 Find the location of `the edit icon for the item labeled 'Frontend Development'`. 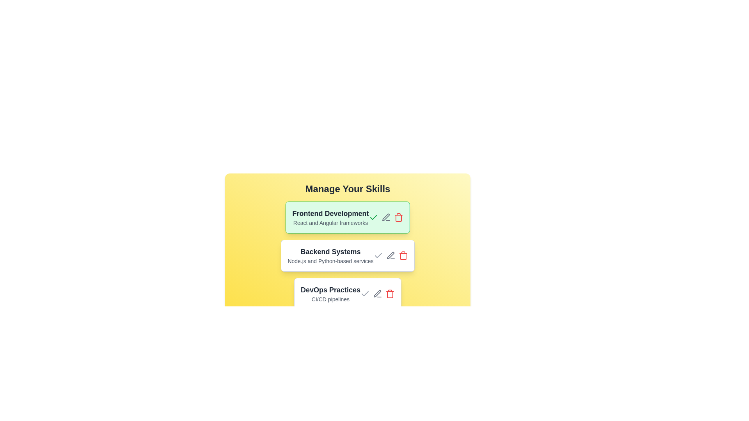

the edit icon for the item labeled 'Frontend Development' is located at coordinates (386, 218).